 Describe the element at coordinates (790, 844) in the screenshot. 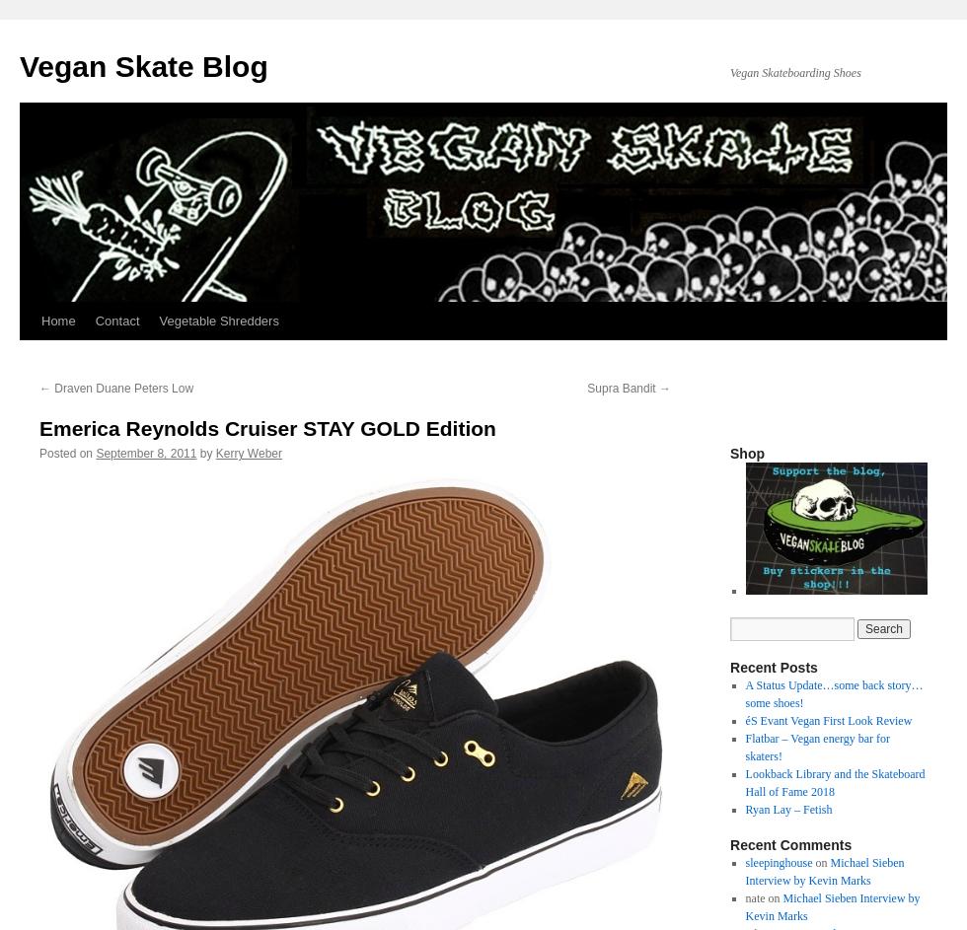

I see `'Recent Comments'` at that location.